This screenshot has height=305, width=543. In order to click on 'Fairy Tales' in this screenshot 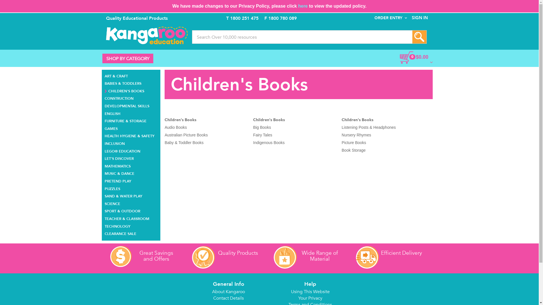, I will do `click(262, 135)`.